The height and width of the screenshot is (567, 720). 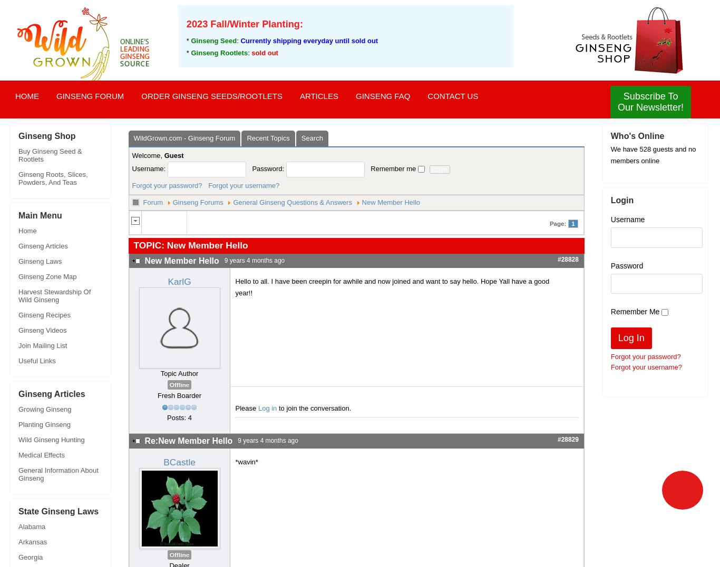 I want to click on 'Ginseng Recipes', so click(x=18, y=314).